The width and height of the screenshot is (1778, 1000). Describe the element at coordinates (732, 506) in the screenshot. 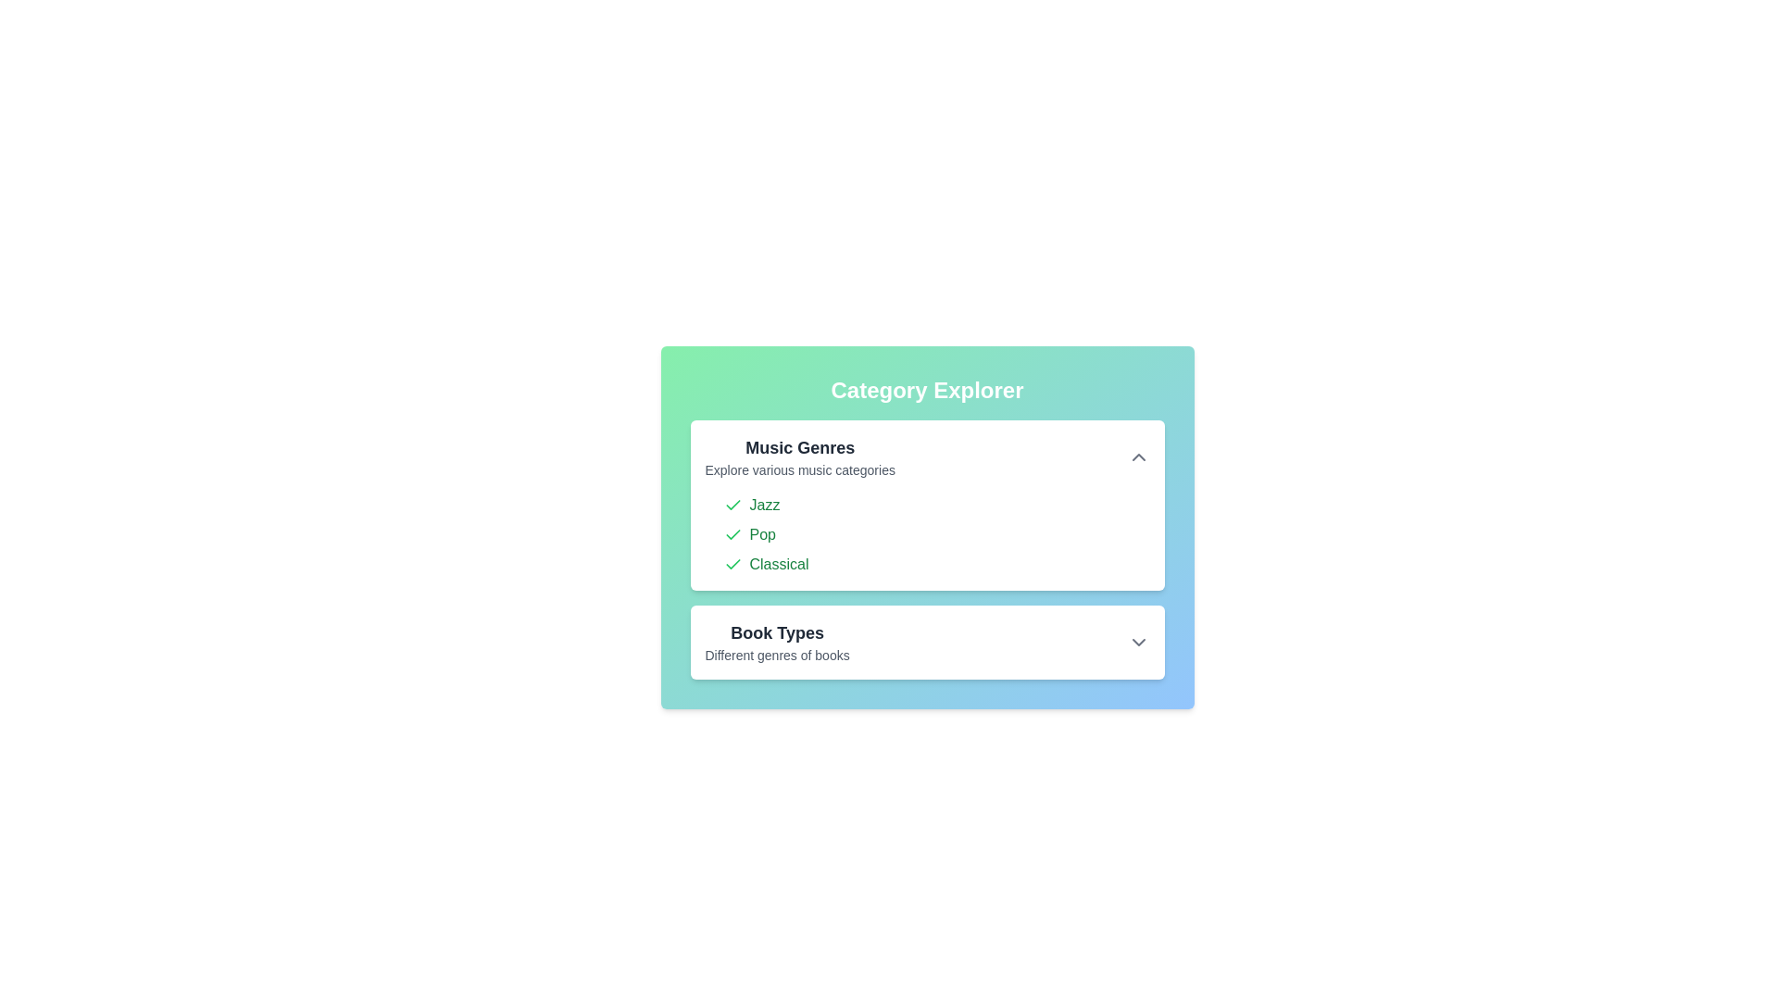

I see `the item Jazz from the list` at that location.